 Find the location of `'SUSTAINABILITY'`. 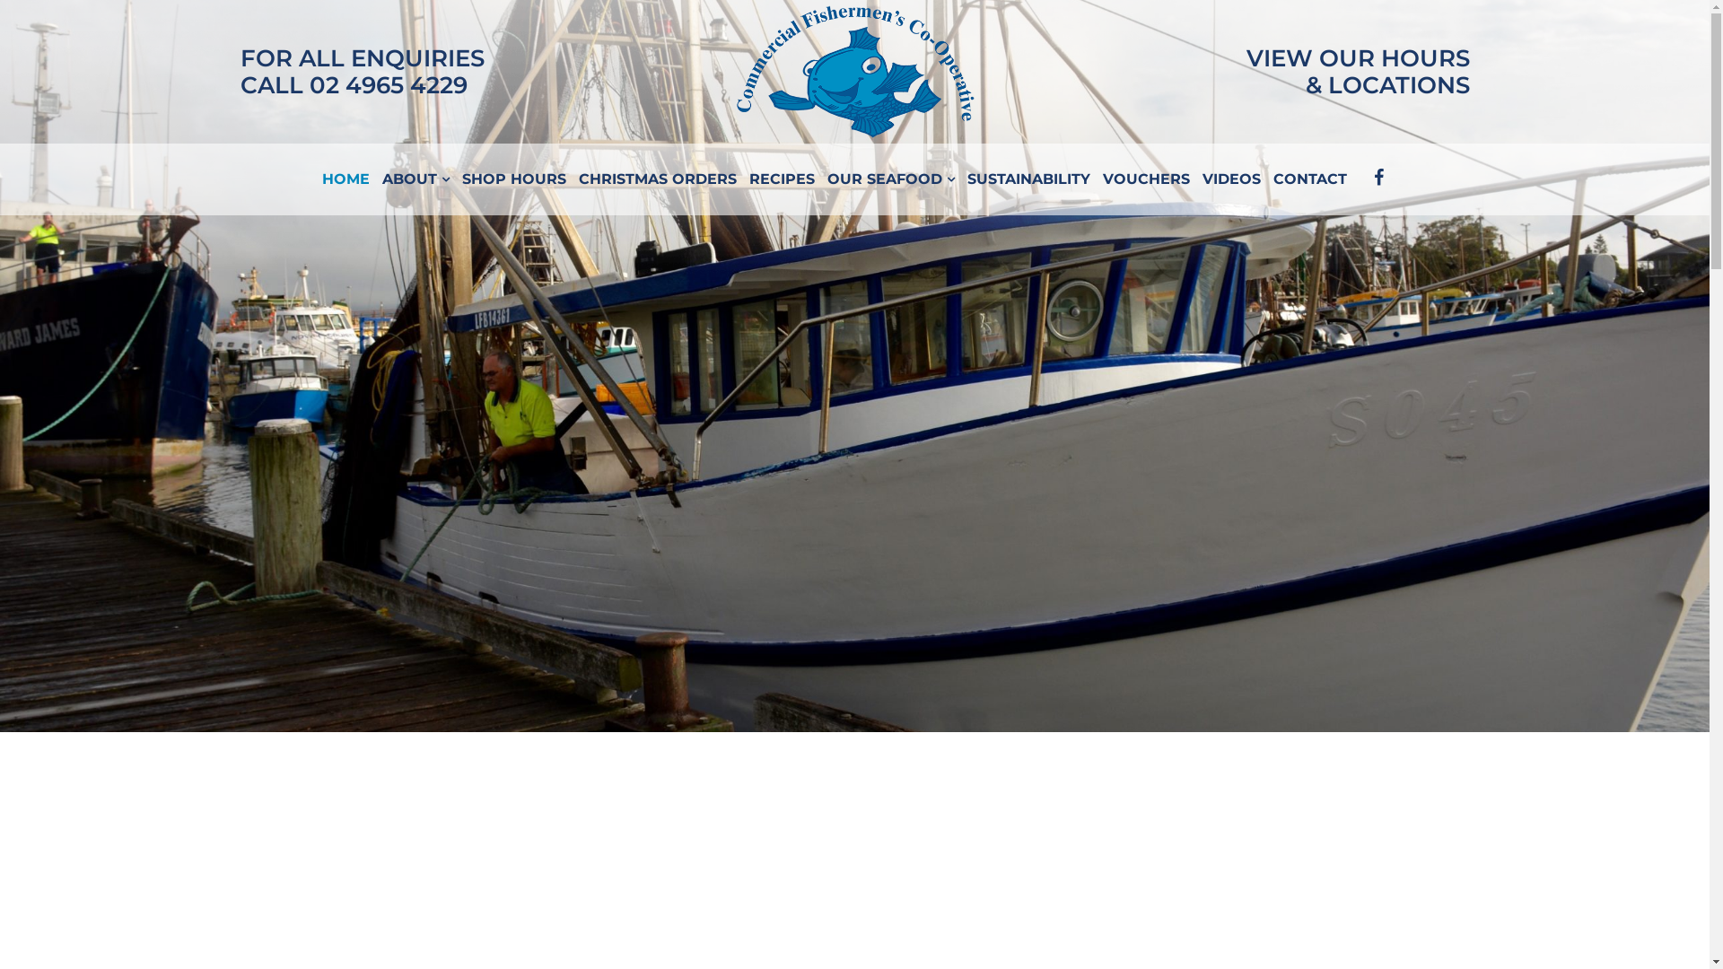

'SUSTAINABILITY' is located at coordinates (962, 179).